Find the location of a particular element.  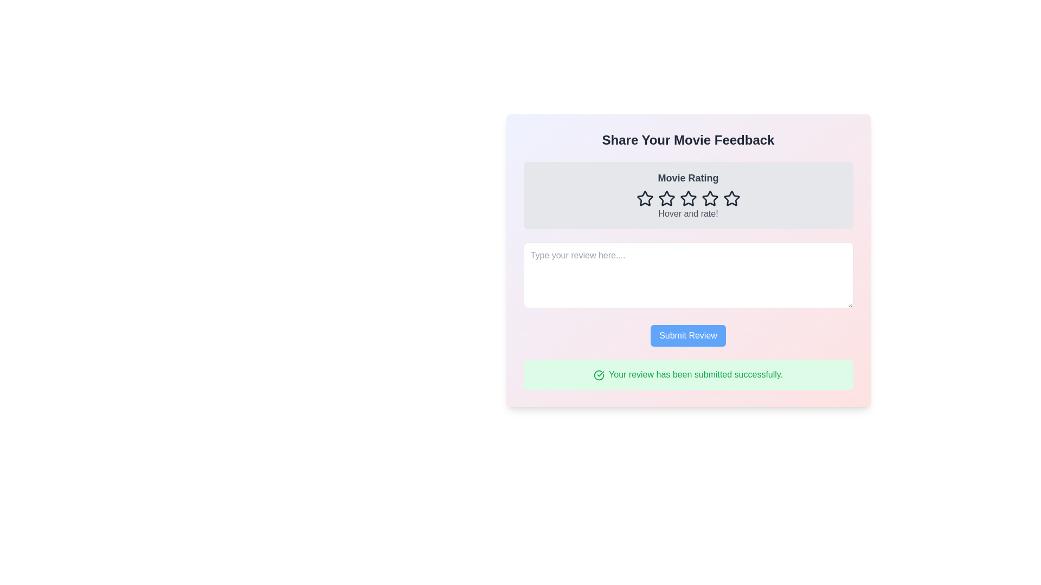

the central star icon in the interactive rating system is located at coordinates (687, 198).